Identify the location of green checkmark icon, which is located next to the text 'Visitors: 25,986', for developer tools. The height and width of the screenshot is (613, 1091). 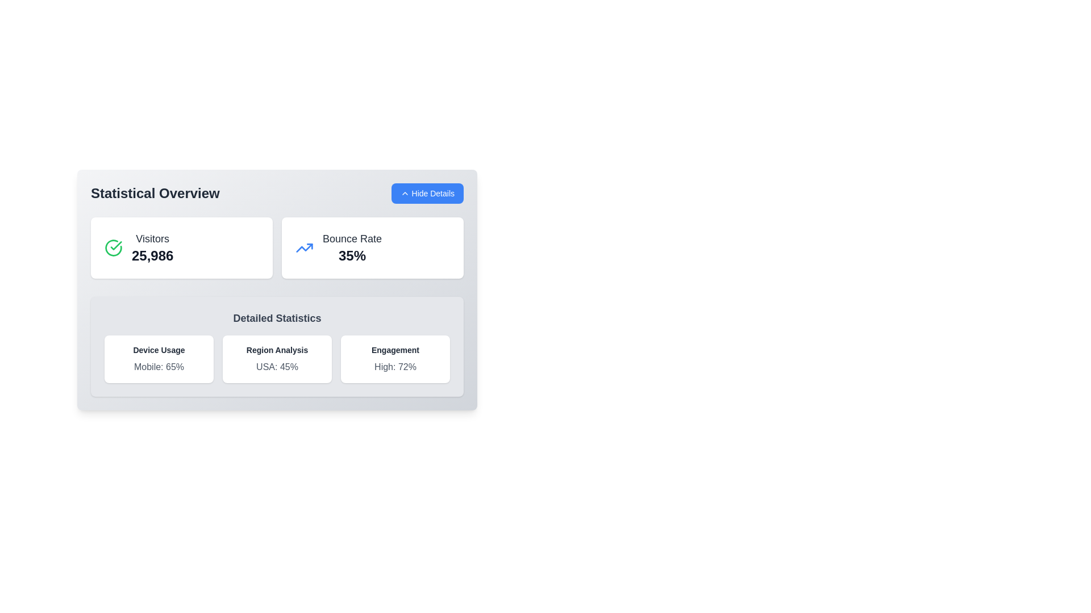
(116, 245).